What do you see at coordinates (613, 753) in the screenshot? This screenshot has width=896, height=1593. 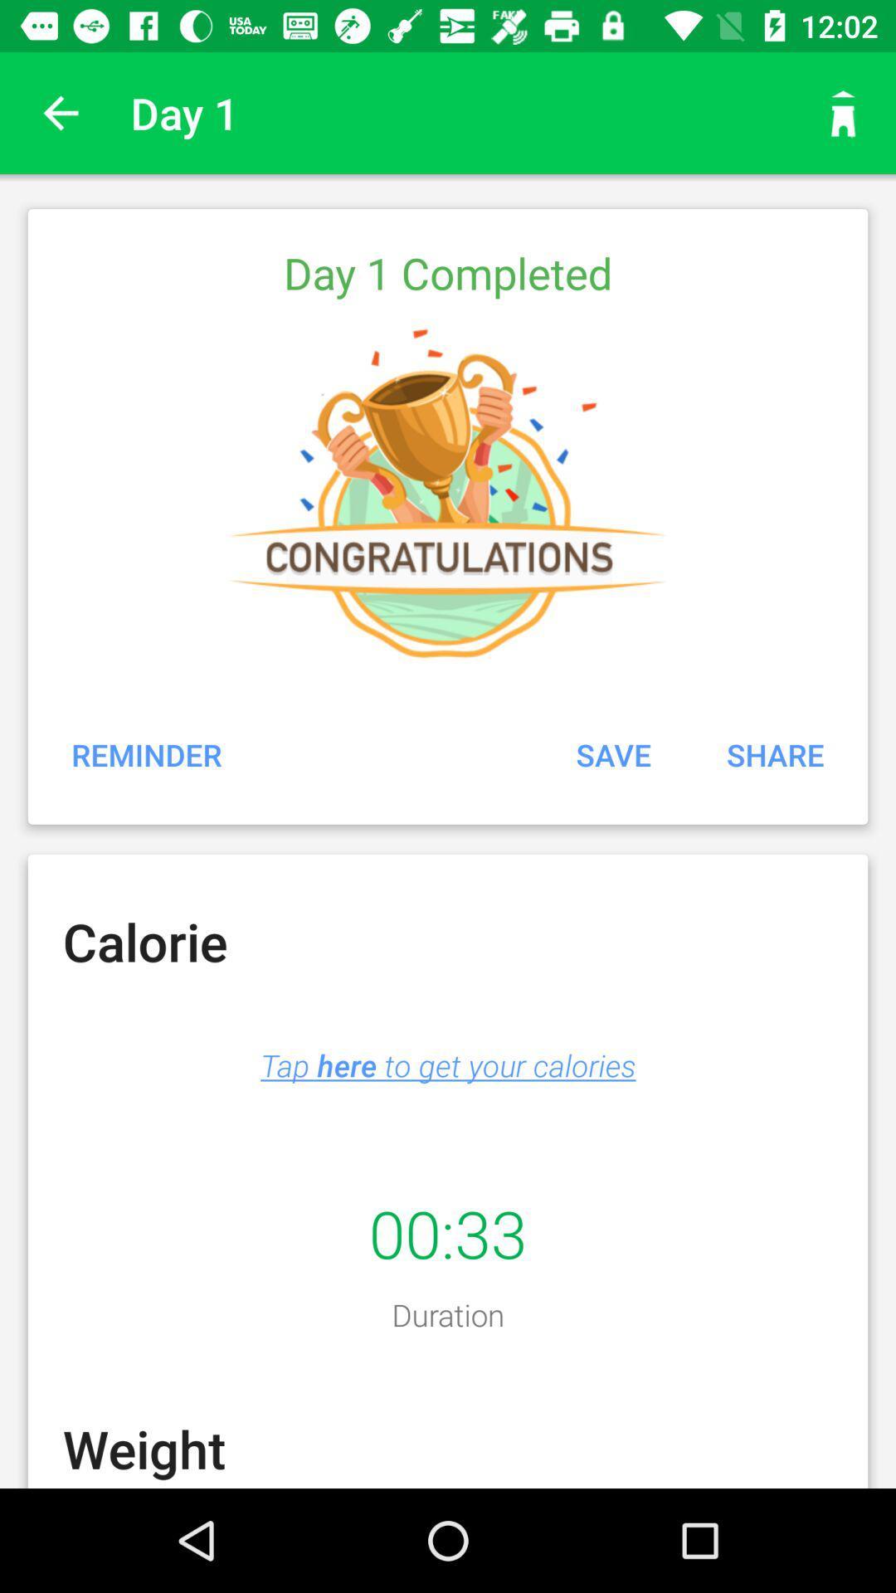 I see `icon to the right of reminder item` at bounding box center [613, 753].